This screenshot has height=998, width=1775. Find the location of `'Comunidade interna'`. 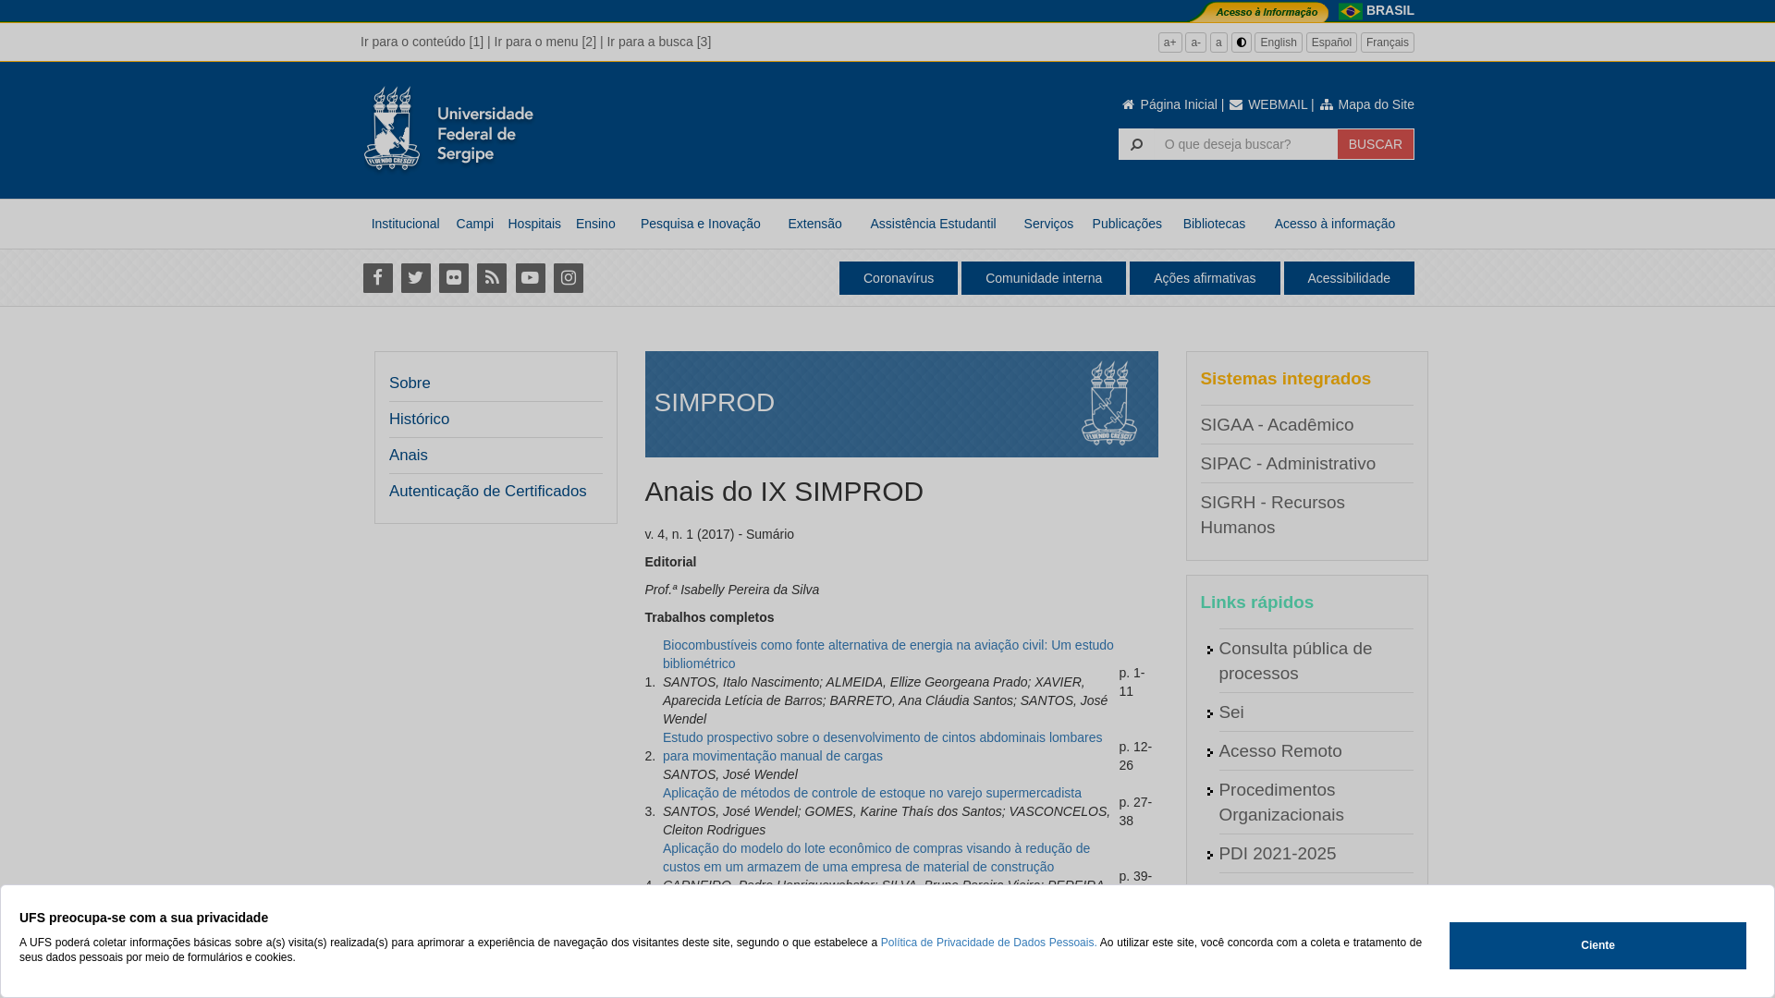

'Comunidade interna' is located at coordinates (1043, 277).